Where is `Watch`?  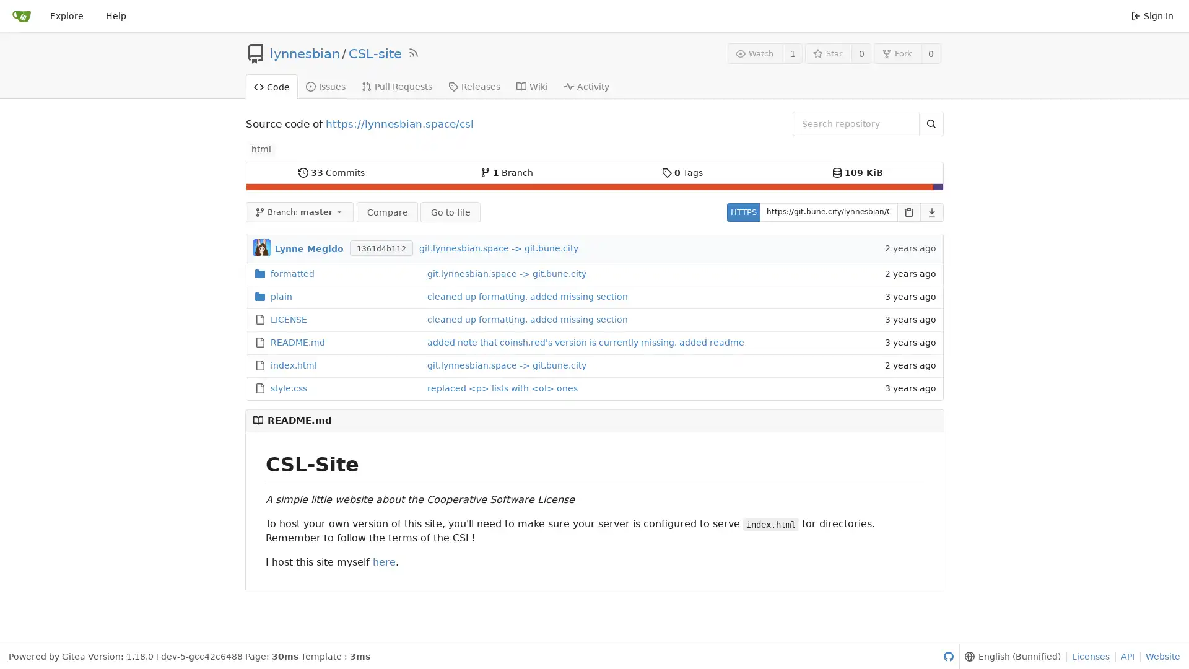 Watch is located at coordinates (754, 53).